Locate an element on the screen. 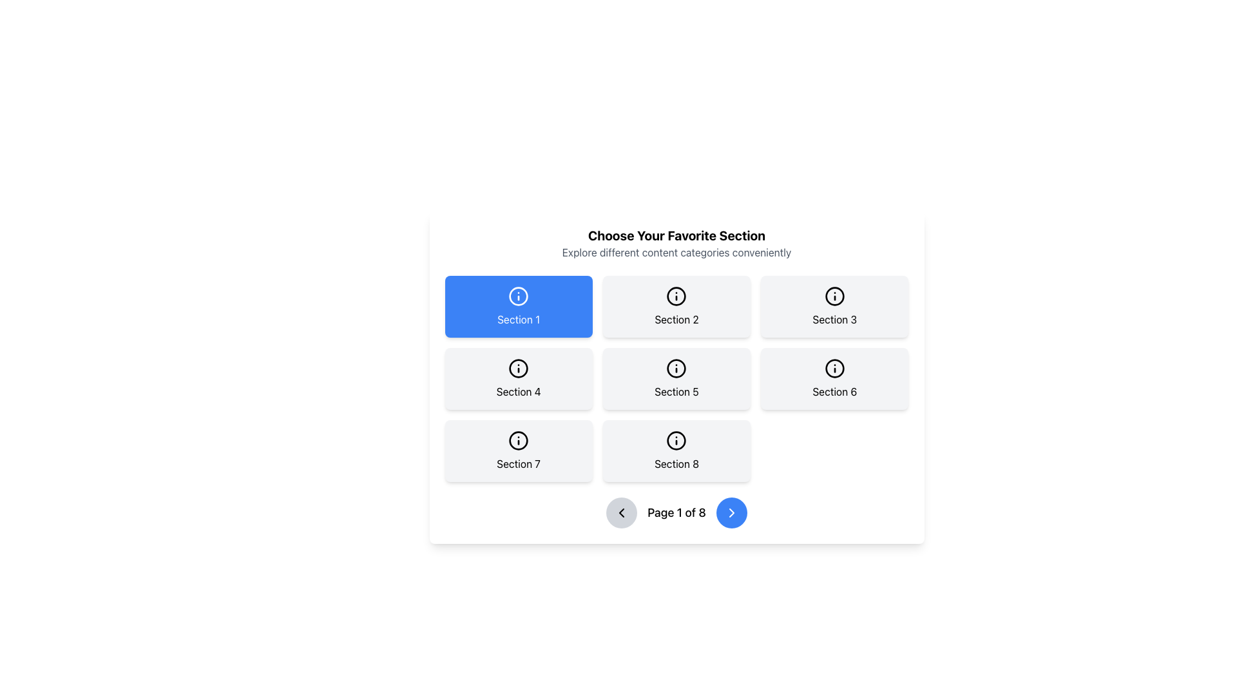  the icon located in 'Section 7', which is part of the 'Choose Your Favorite Section' interface and is positioned in the first element of the third row of the grid layout is located at coordinates (519, 440).